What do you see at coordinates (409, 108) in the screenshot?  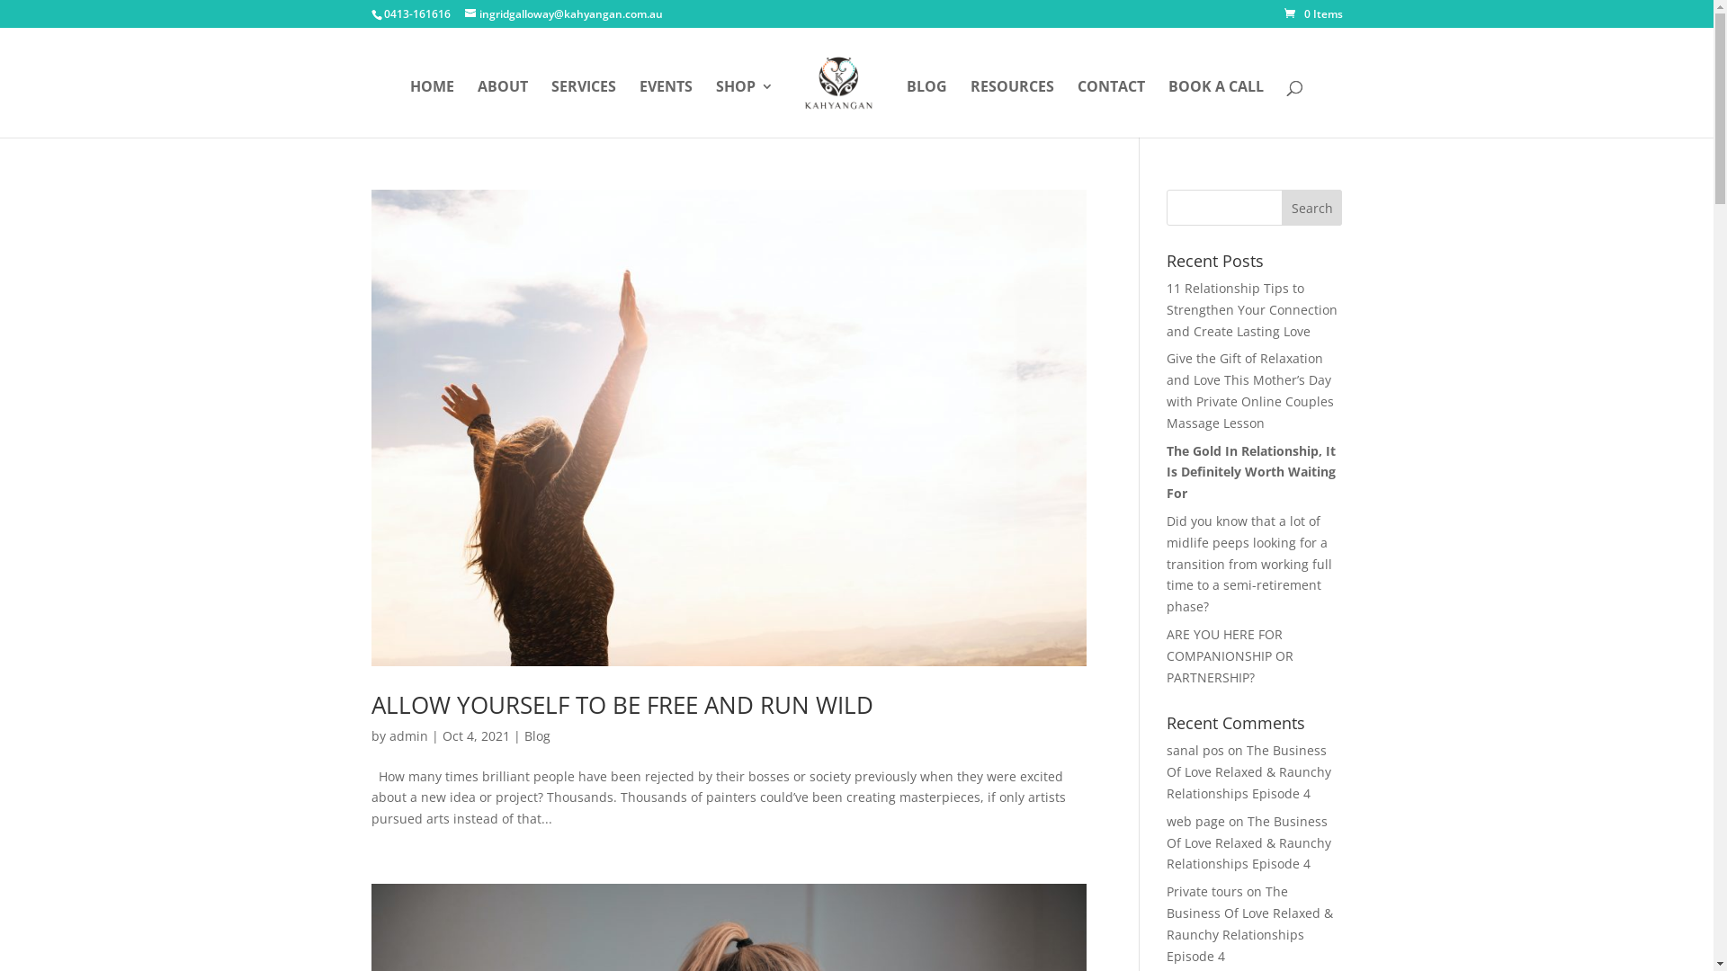 I see `'HOME'` at bounding box center [409, 108].